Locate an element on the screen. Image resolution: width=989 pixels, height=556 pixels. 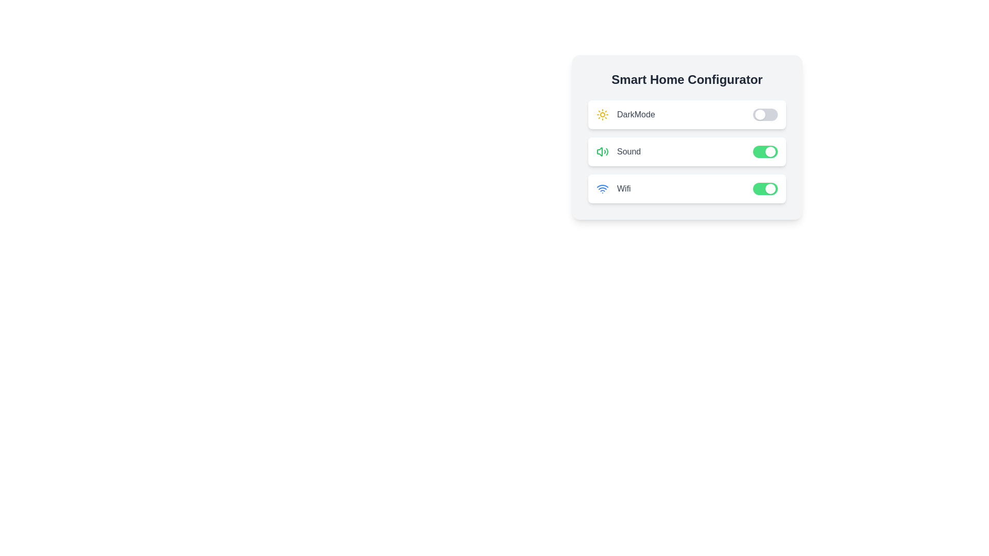
the 'darkMode' label with icon in the Smart Home Configurator card, located on the left top row next to the toggle switch is located at coordinates (625, 115).